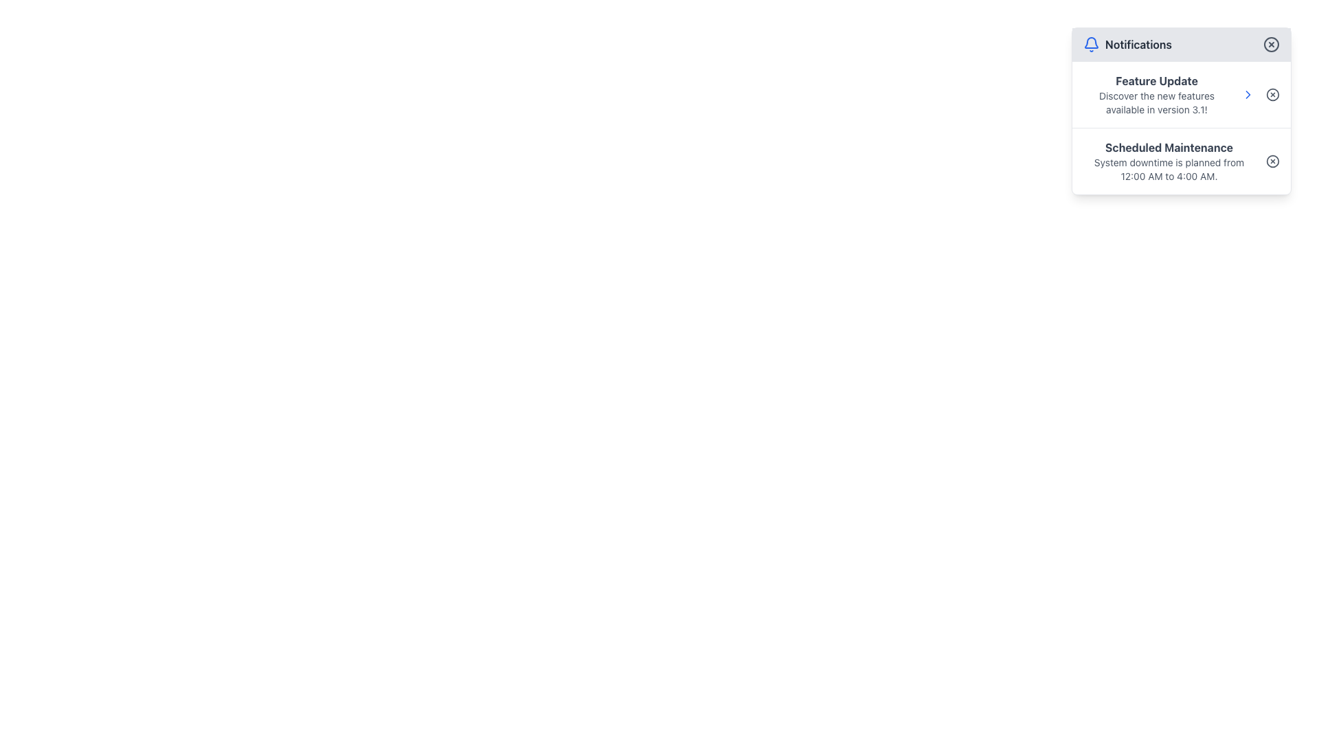 Image resolution: width=1319 pixels, height=742 pixels. What do you see at coordinates (1271, 44) in the screenshot?
I see `the close button located at the top-right corner of the notification dropdown` at bounding box center [1271, 44].